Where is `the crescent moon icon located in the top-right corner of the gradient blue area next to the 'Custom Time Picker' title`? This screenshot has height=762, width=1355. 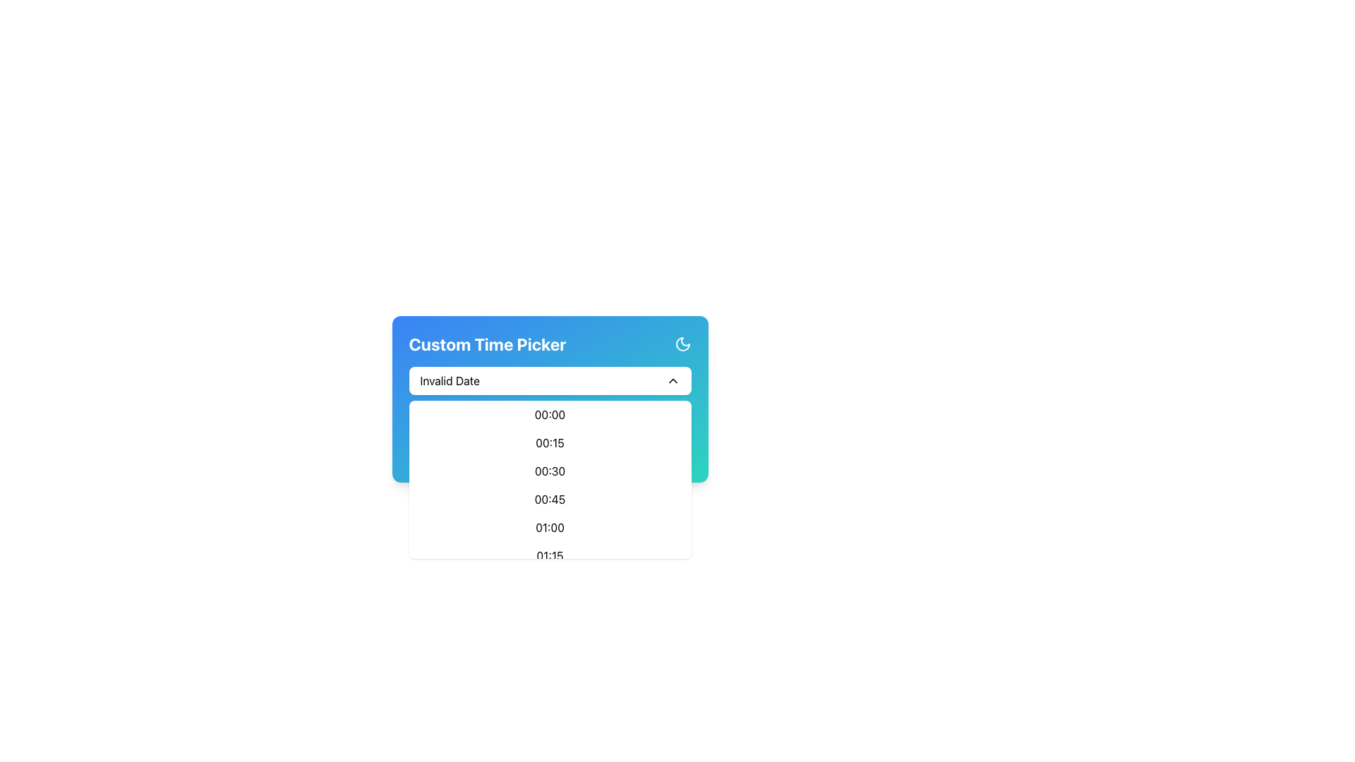 the crescent moon icon located in the top-right corner of the gradient blue area next to the 'Custom Time Picker' title is located at coordinates (682, 344).